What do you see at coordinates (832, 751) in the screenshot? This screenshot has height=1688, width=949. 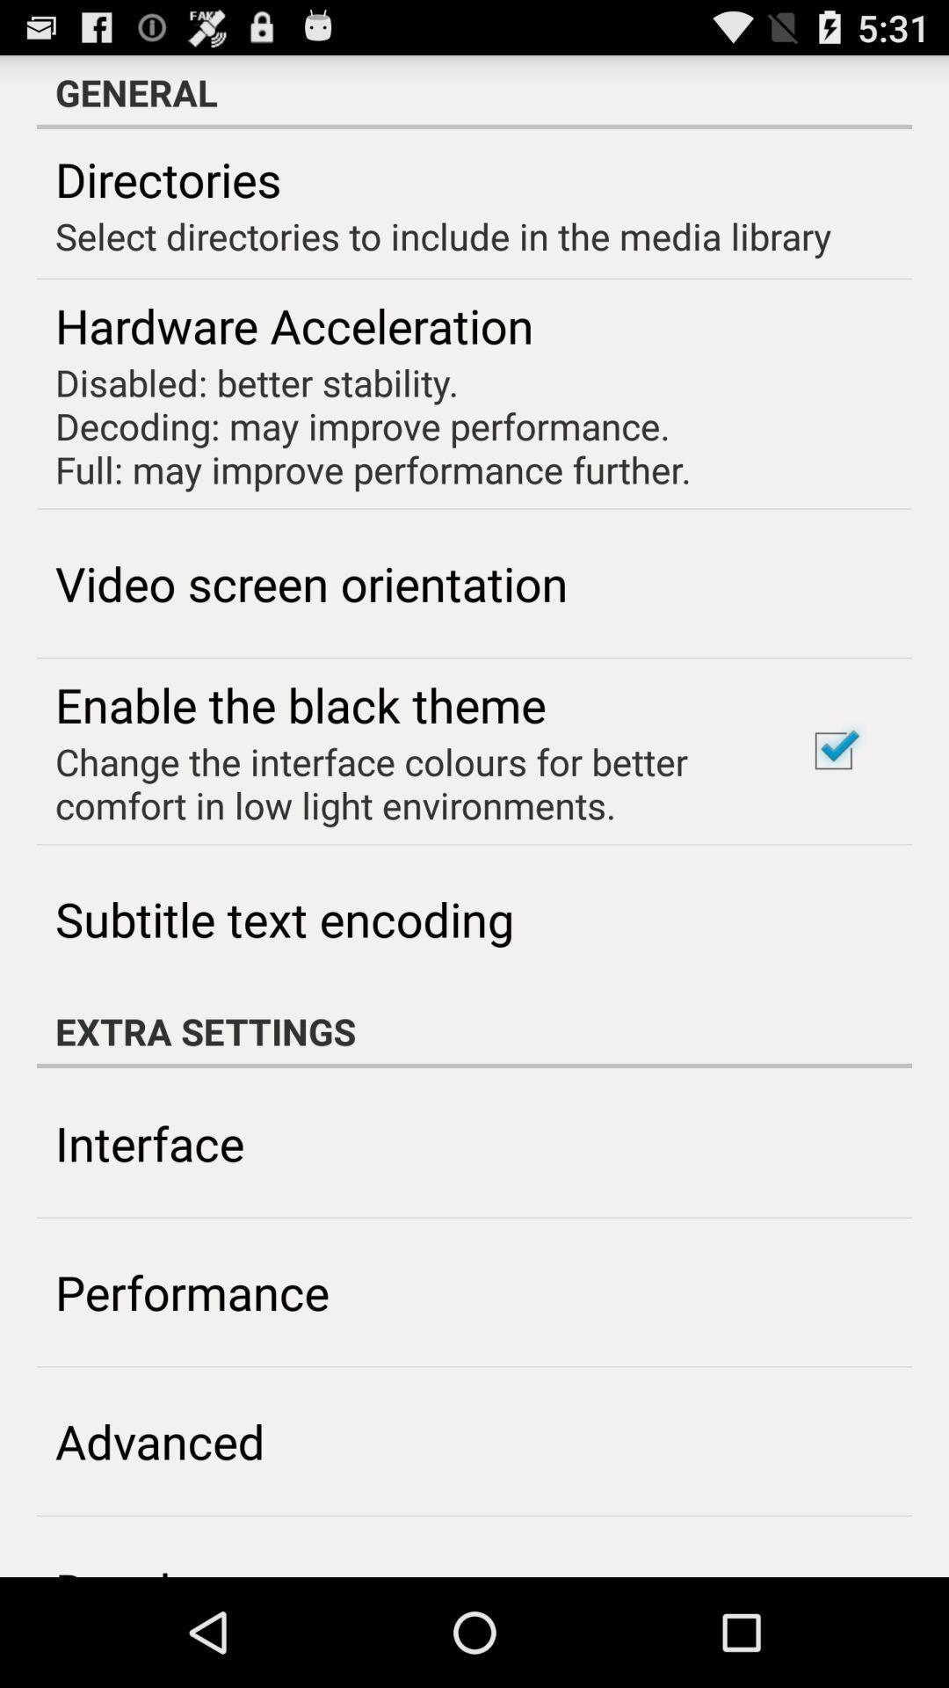 I see `the icon next to change the interface app` at bounding box center [832, 751].